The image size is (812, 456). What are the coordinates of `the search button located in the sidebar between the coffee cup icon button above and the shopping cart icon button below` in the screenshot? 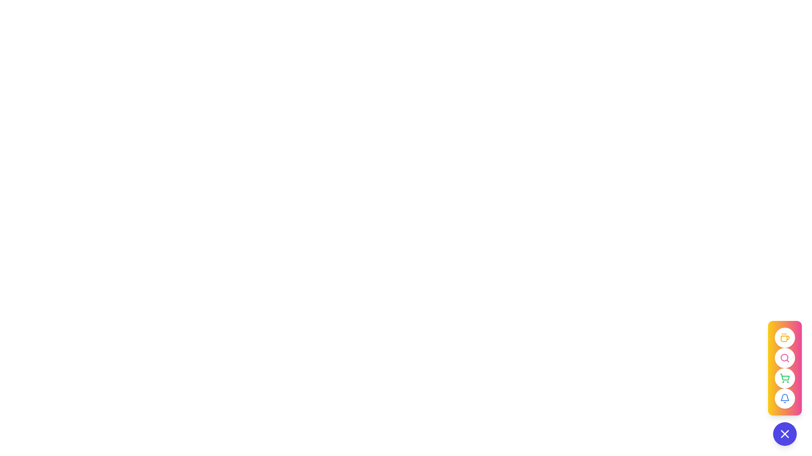 It's located at (785, 358).